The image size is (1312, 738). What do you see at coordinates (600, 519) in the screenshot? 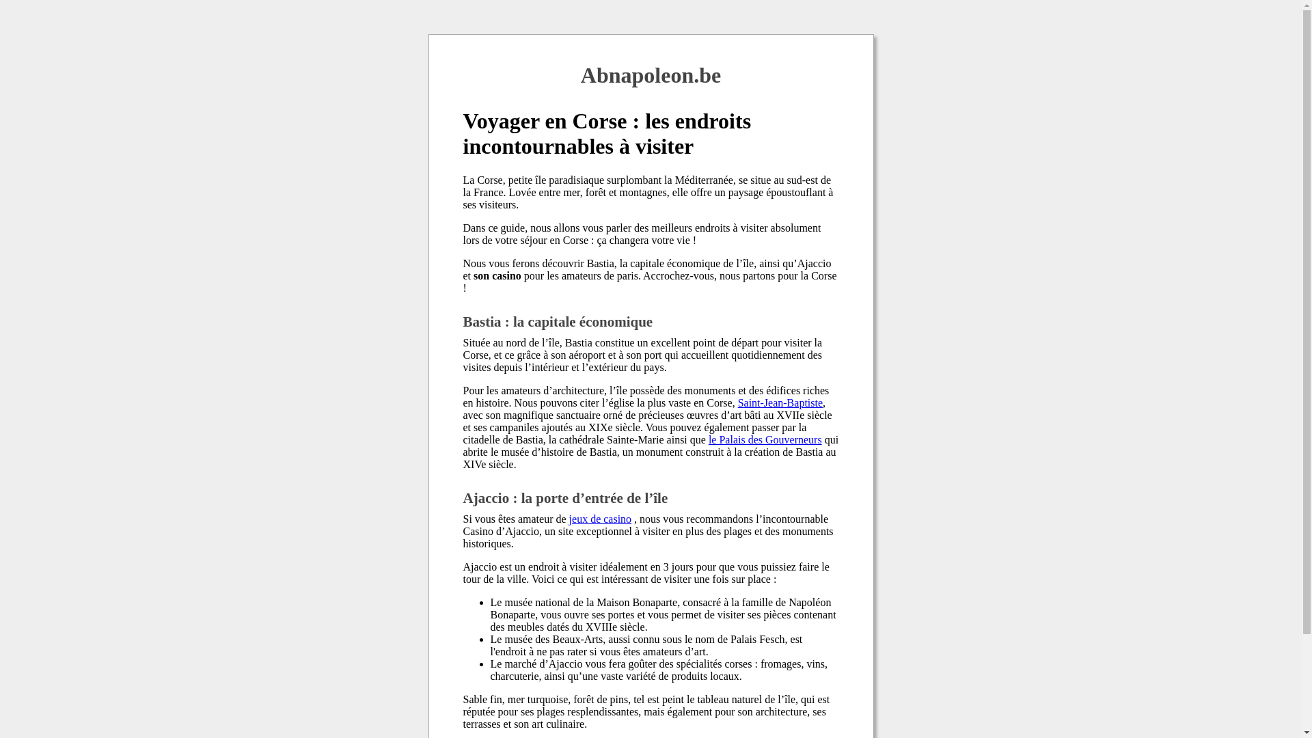
I see `'jeux de casino'` at bounding box center [600, 519].